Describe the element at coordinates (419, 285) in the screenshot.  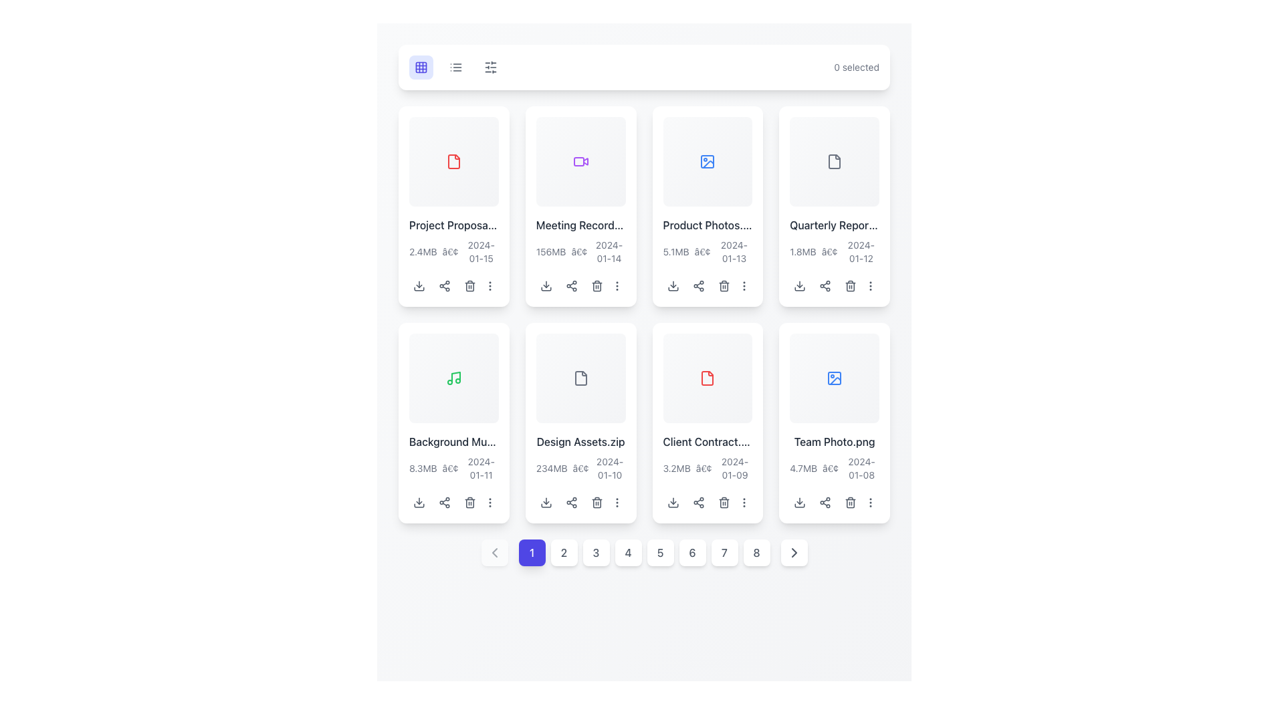
I see `the download icon button for the 'Project Proposal' file located in the first row and first column of the grid layout` at that location.